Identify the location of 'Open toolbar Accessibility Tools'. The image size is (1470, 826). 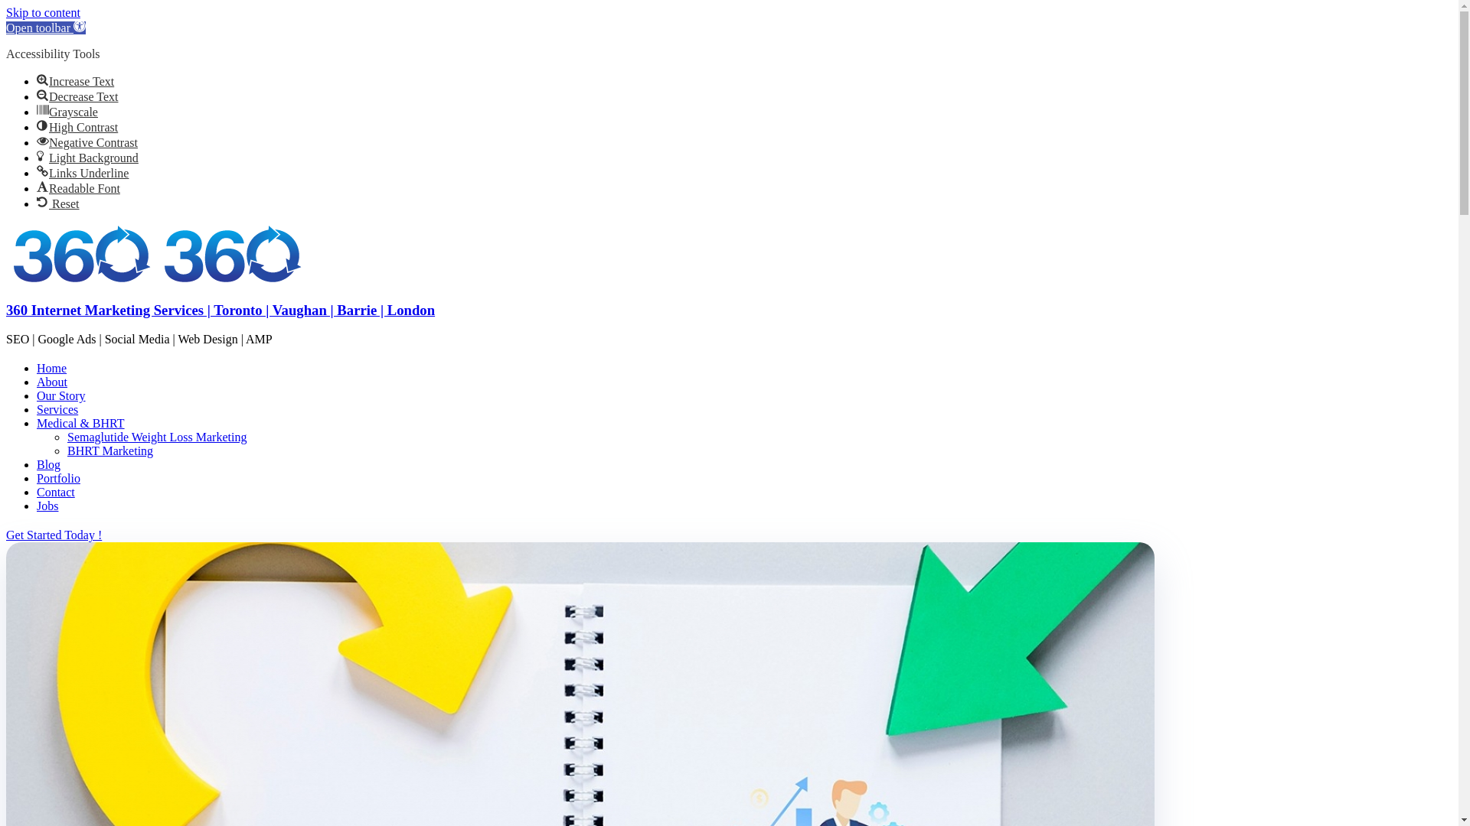
(45, 28).